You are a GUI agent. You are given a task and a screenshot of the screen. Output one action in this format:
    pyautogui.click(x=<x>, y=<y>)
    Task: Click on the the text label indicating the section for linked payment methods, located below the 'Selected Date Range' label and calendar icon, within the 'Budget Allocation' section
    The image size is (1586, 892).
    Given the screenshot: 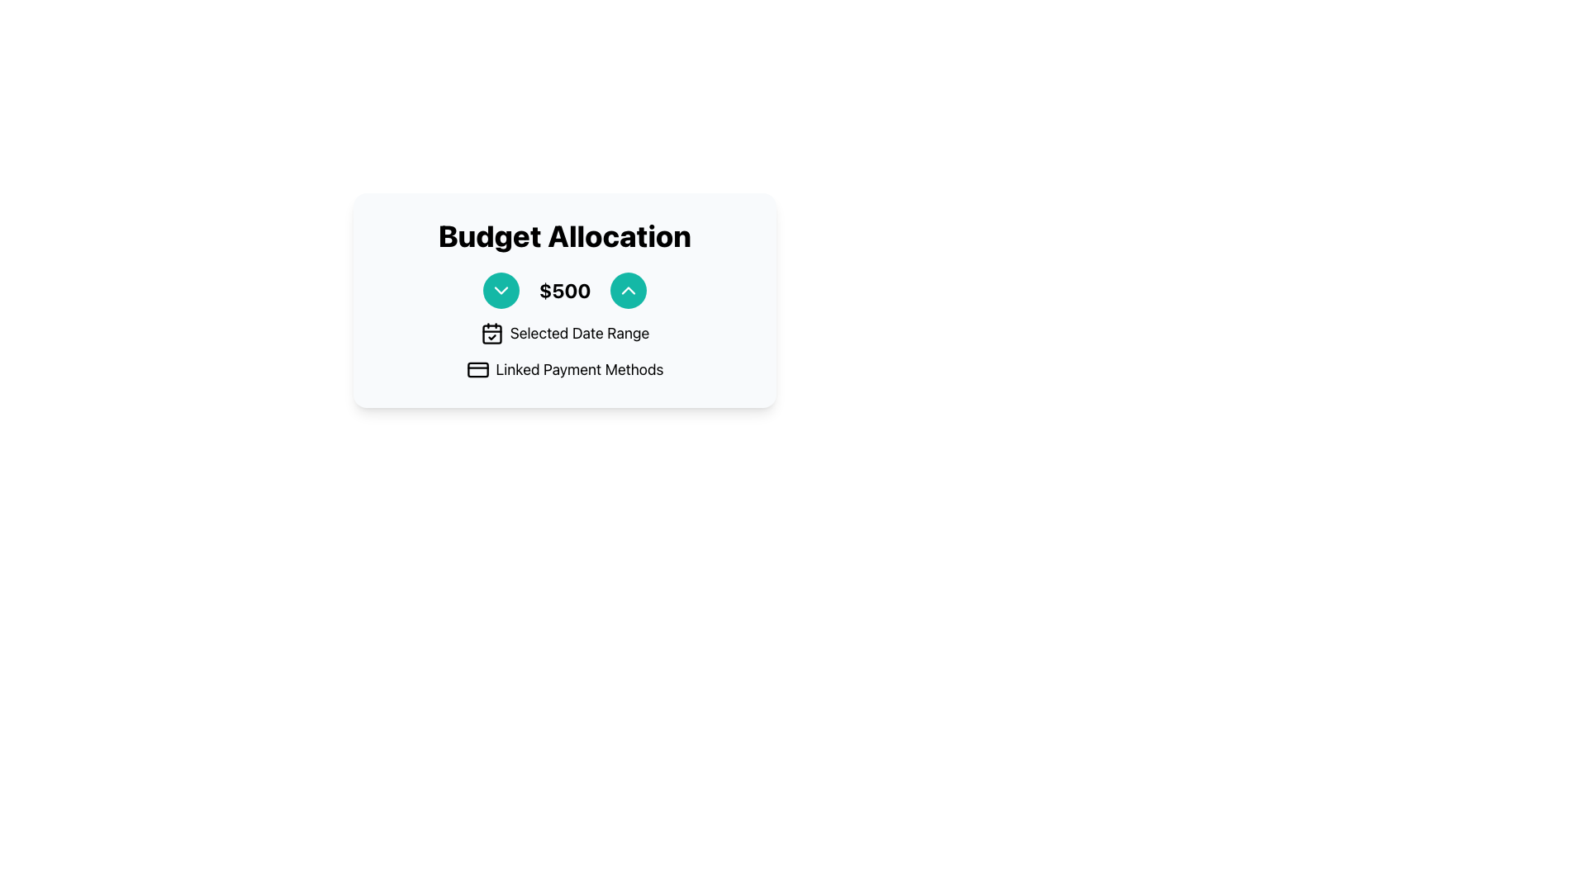 What is the action you would take?
    pyautogui.click(x=579, y=368)
    